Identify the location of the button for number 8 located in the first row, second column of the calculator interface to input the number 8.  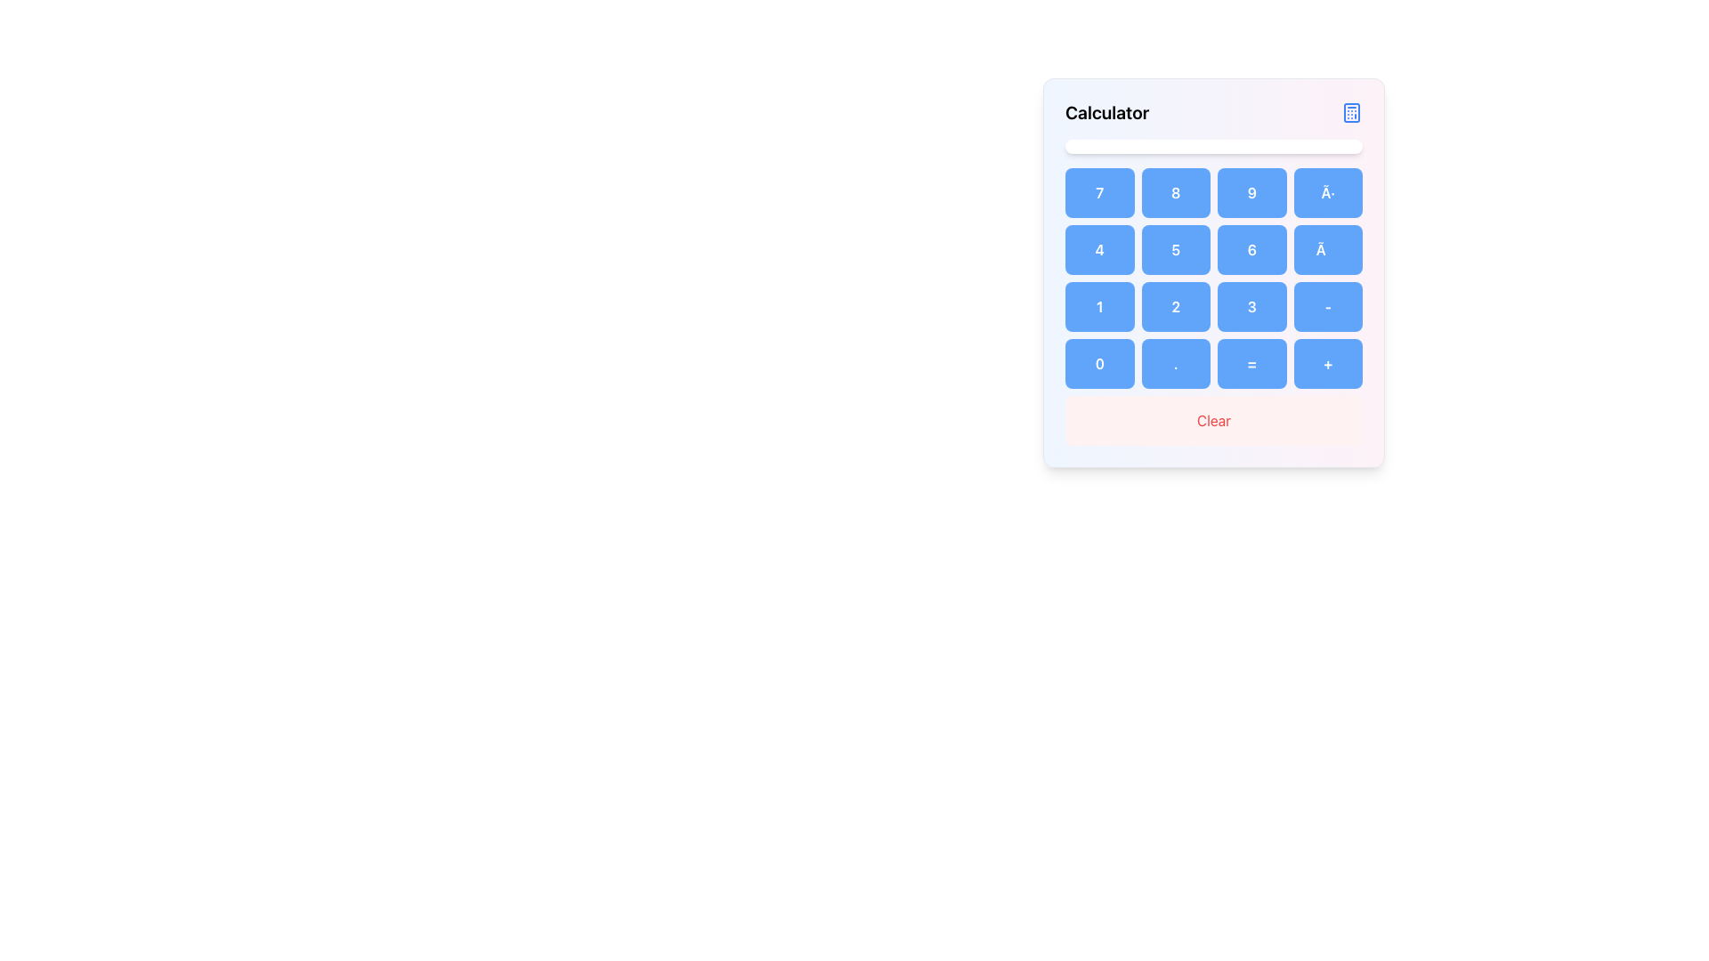
(1175, 192).